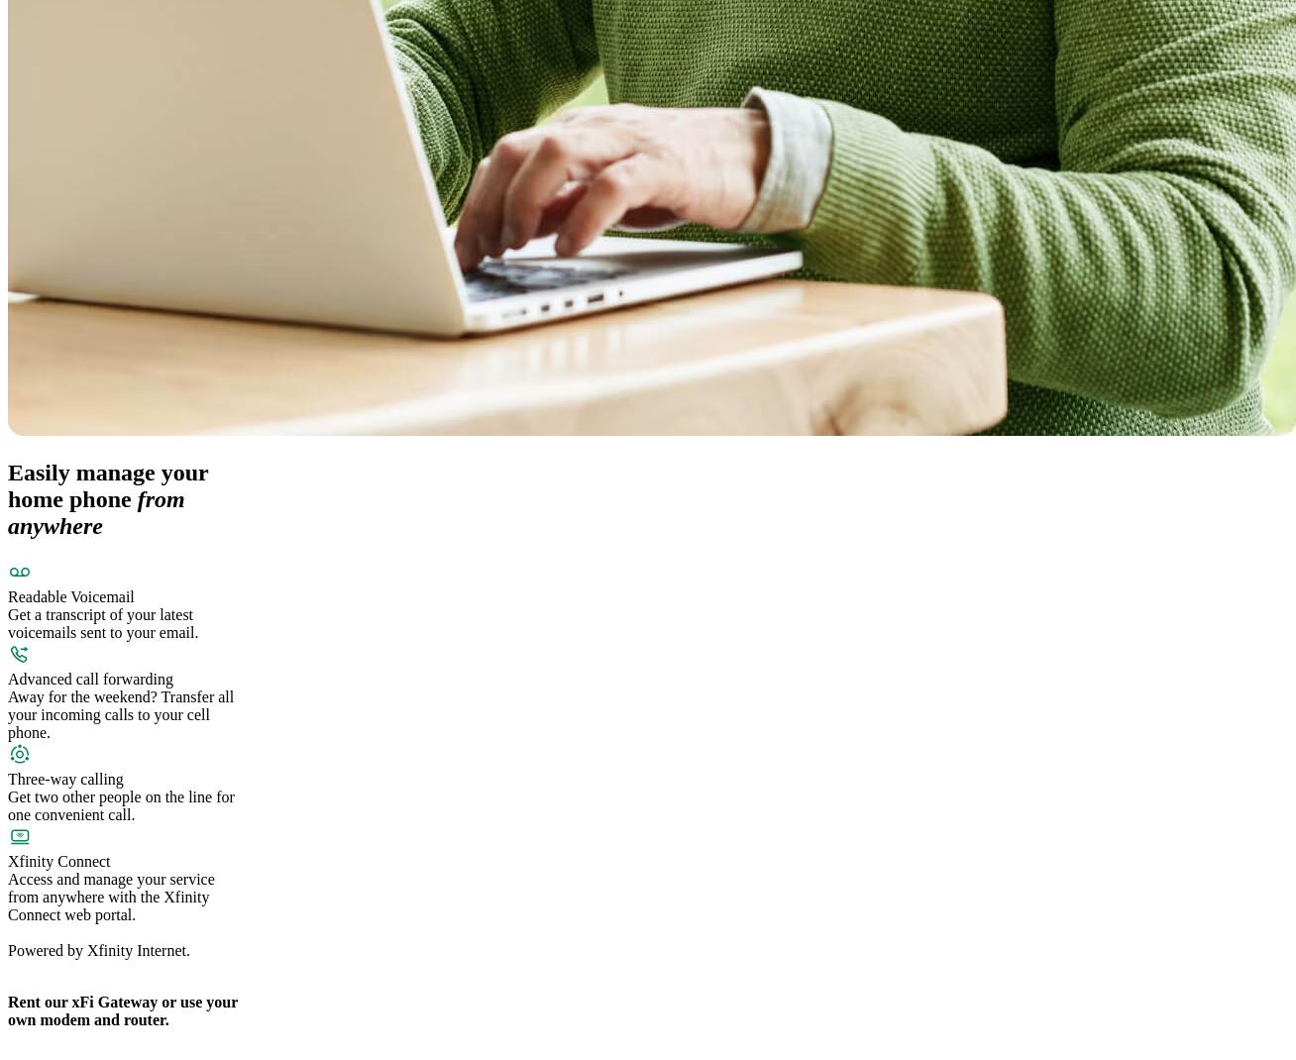  What do you see at coordinates (58, 861) in the screenshot?
I see `'Xfinity Connect'` at bounding box center [58, 861].